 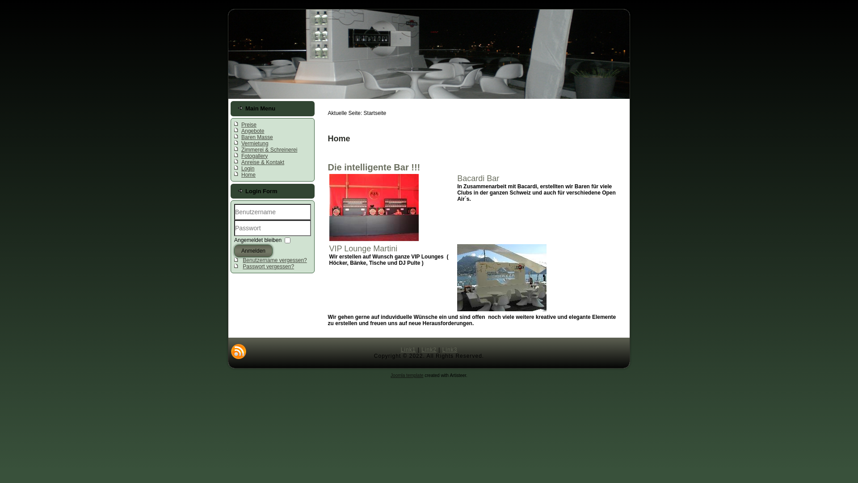 I want to click on 'Angebote', so click(x=252, y=131).